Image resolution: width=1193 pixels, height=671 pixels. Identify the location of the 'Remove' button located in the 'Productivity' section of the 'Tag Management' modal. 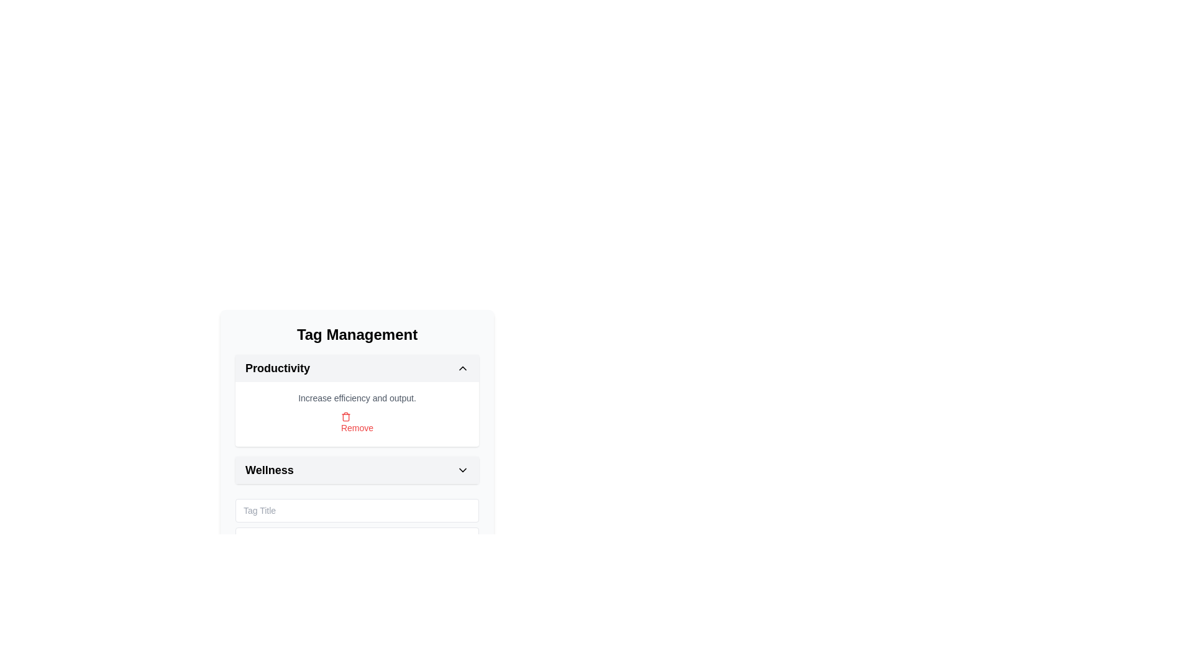
(357, 414).